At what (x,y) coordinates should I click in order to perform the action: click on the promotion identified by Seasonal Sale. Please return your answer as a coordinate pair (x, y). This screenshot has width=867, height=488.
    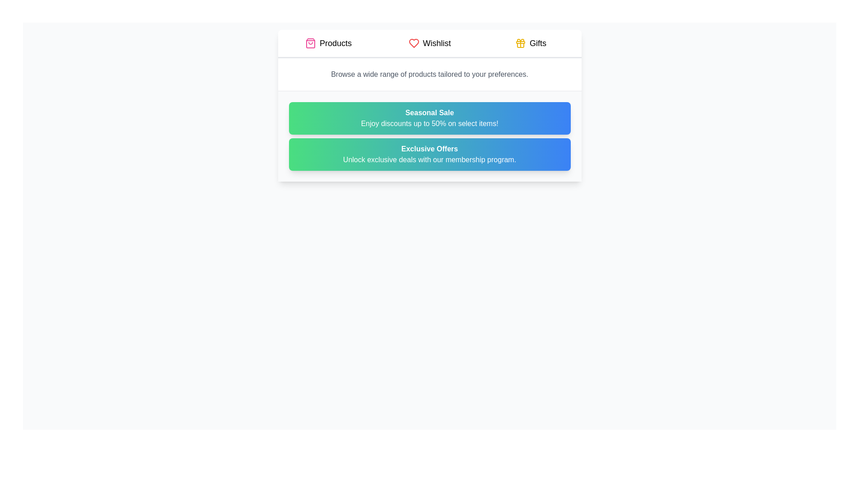
    Looking at the image, I should click on (429, 118).